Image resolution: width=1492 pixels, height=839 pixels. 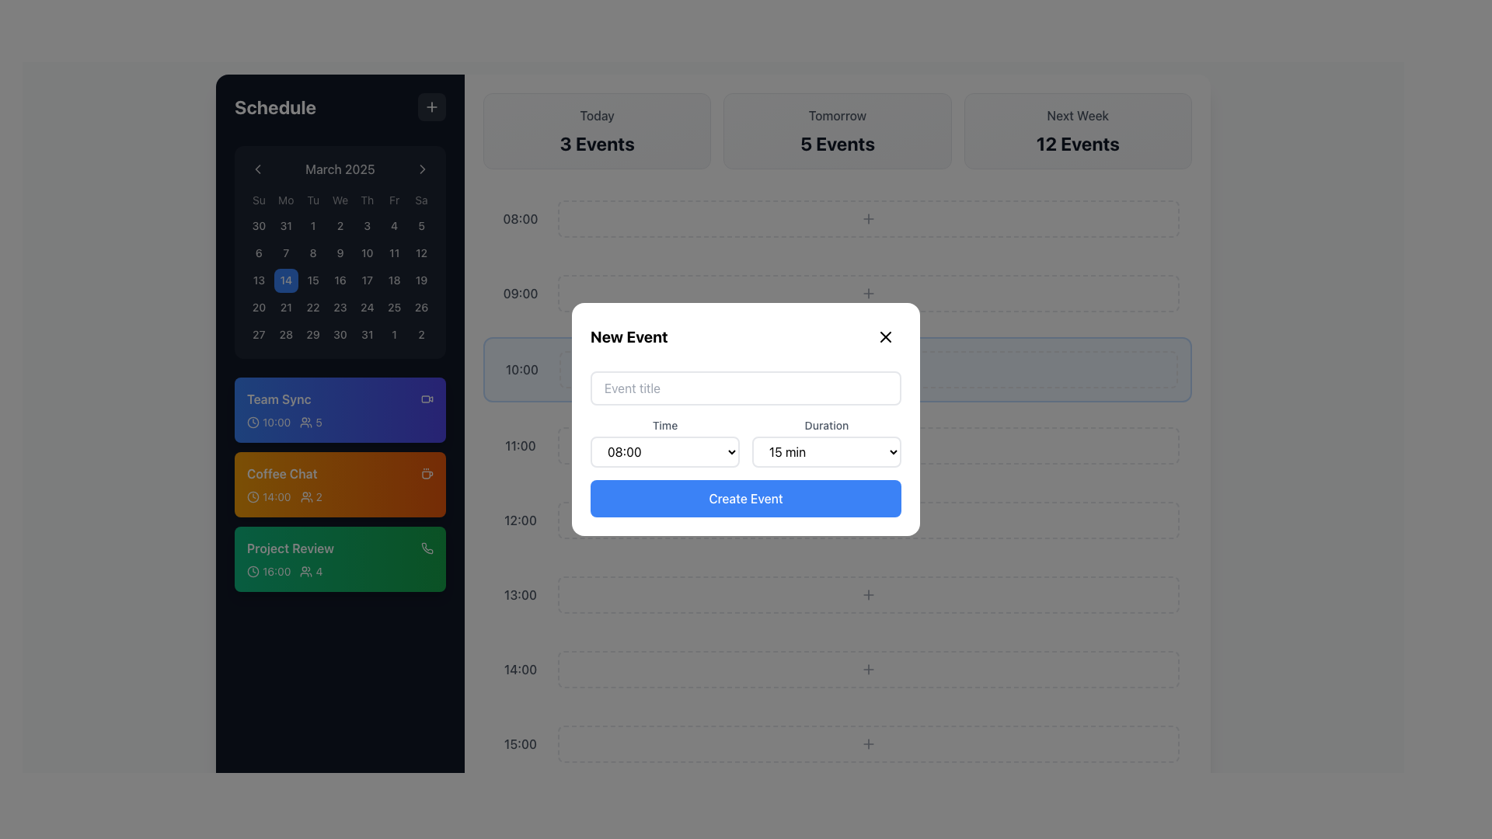 I want to click on the details of the Information display component featuring a clock icon and the time '16:00' along with a user icon and the number '4', located in the green section labeled 'Project Review' in the lower half of the panel, so click(x=339, y=572).